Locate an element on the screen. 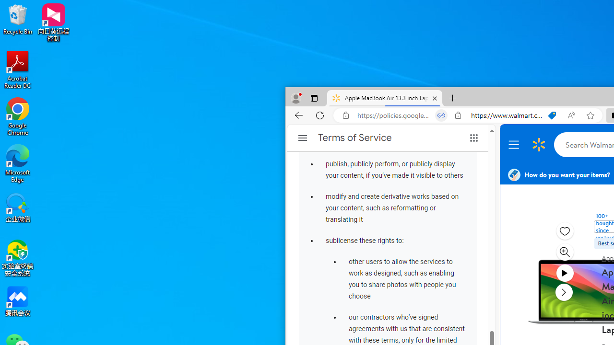  'Menu' is located at coordinates (515, 145).